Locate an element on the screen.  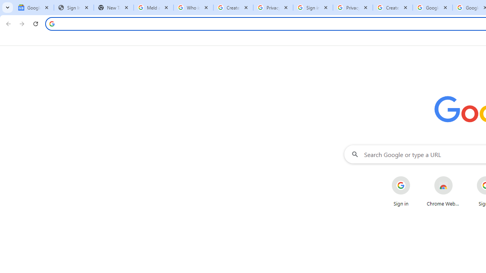
'New Tab' is located at coordinates (113, 8).